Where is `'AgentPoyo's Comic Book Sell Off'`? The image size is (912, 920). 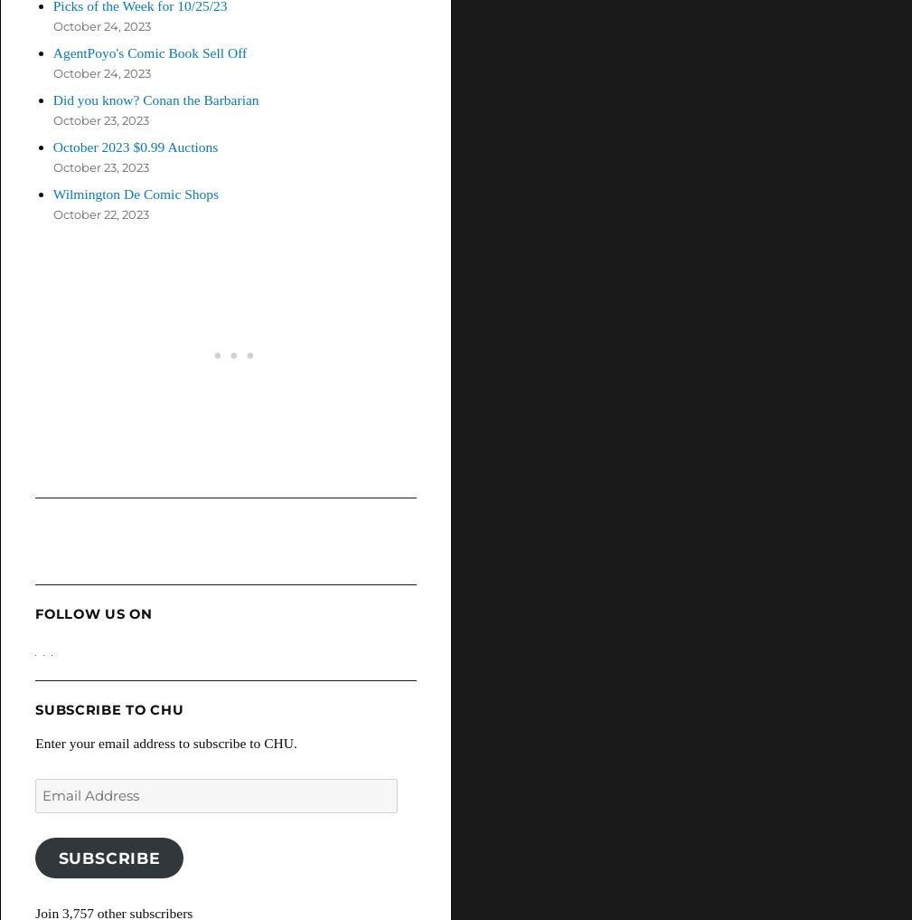 'AgentPoyo's Comic Book Sell Off' is located at coordinates (148, 51).